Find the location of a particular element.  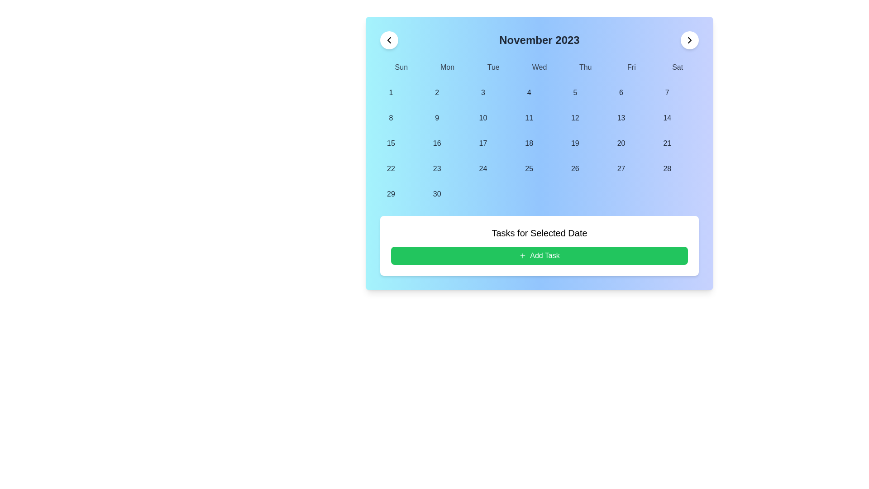

the button representing the date '29' in the calendar interface for navigation is located at coordinates (391, 193).